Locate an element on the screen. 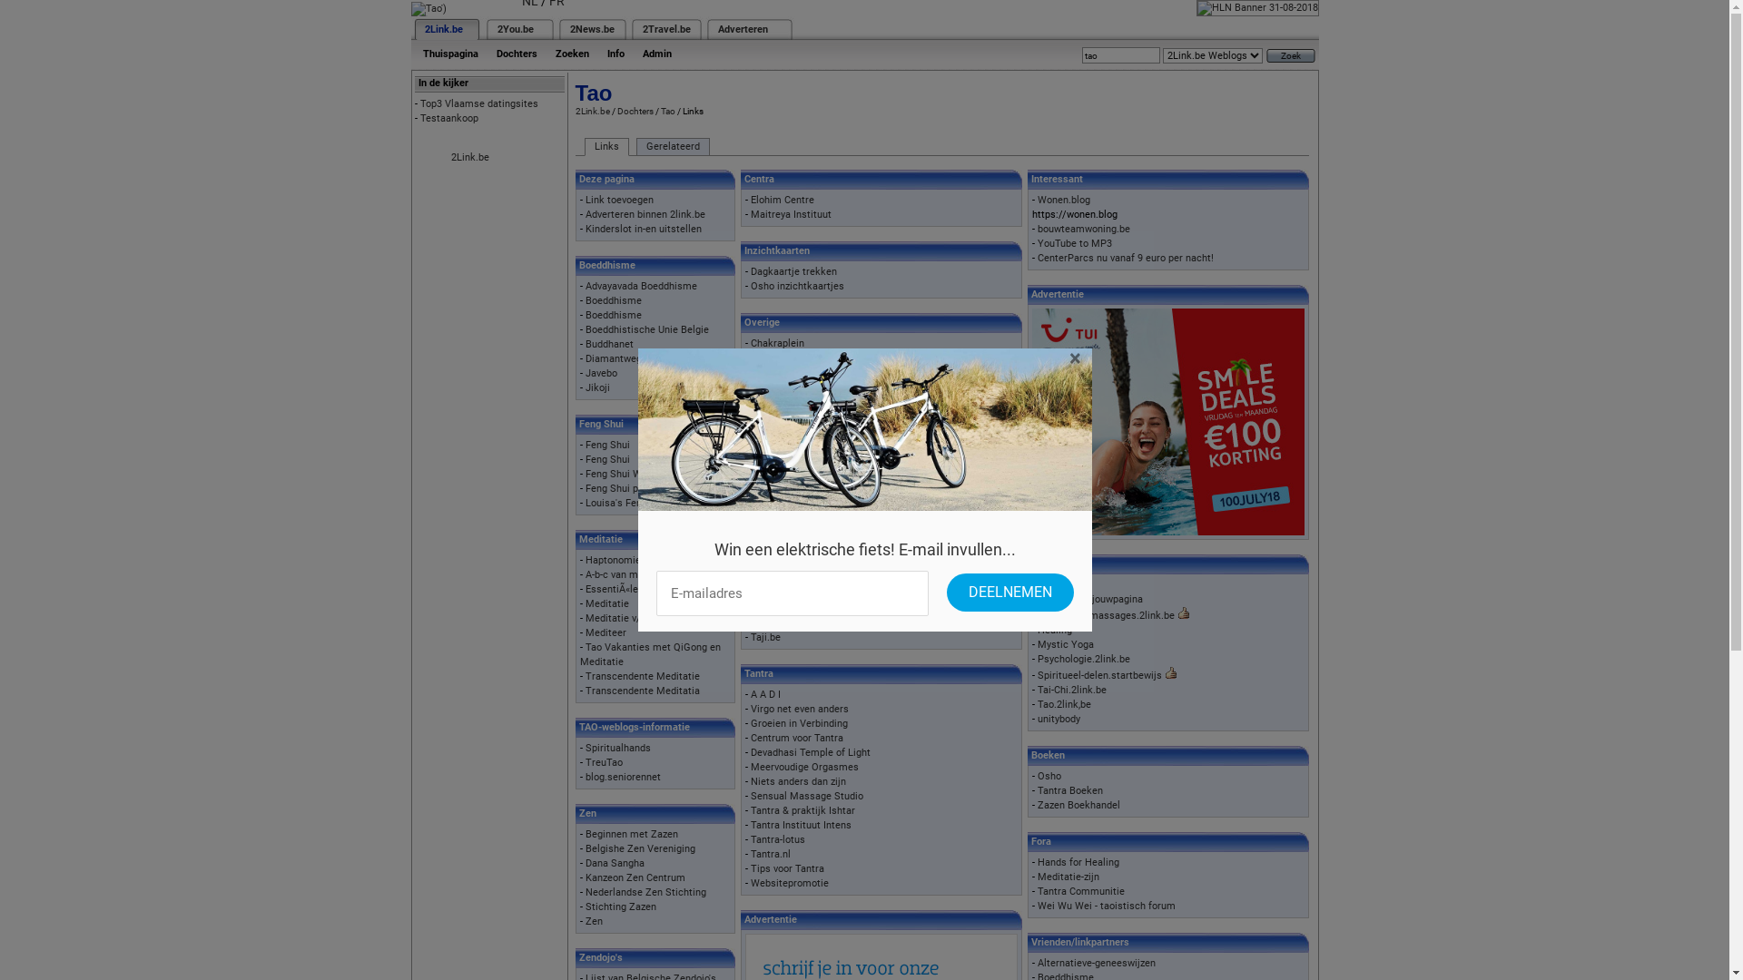  'Dochters' is located at coordinates (515, 53).